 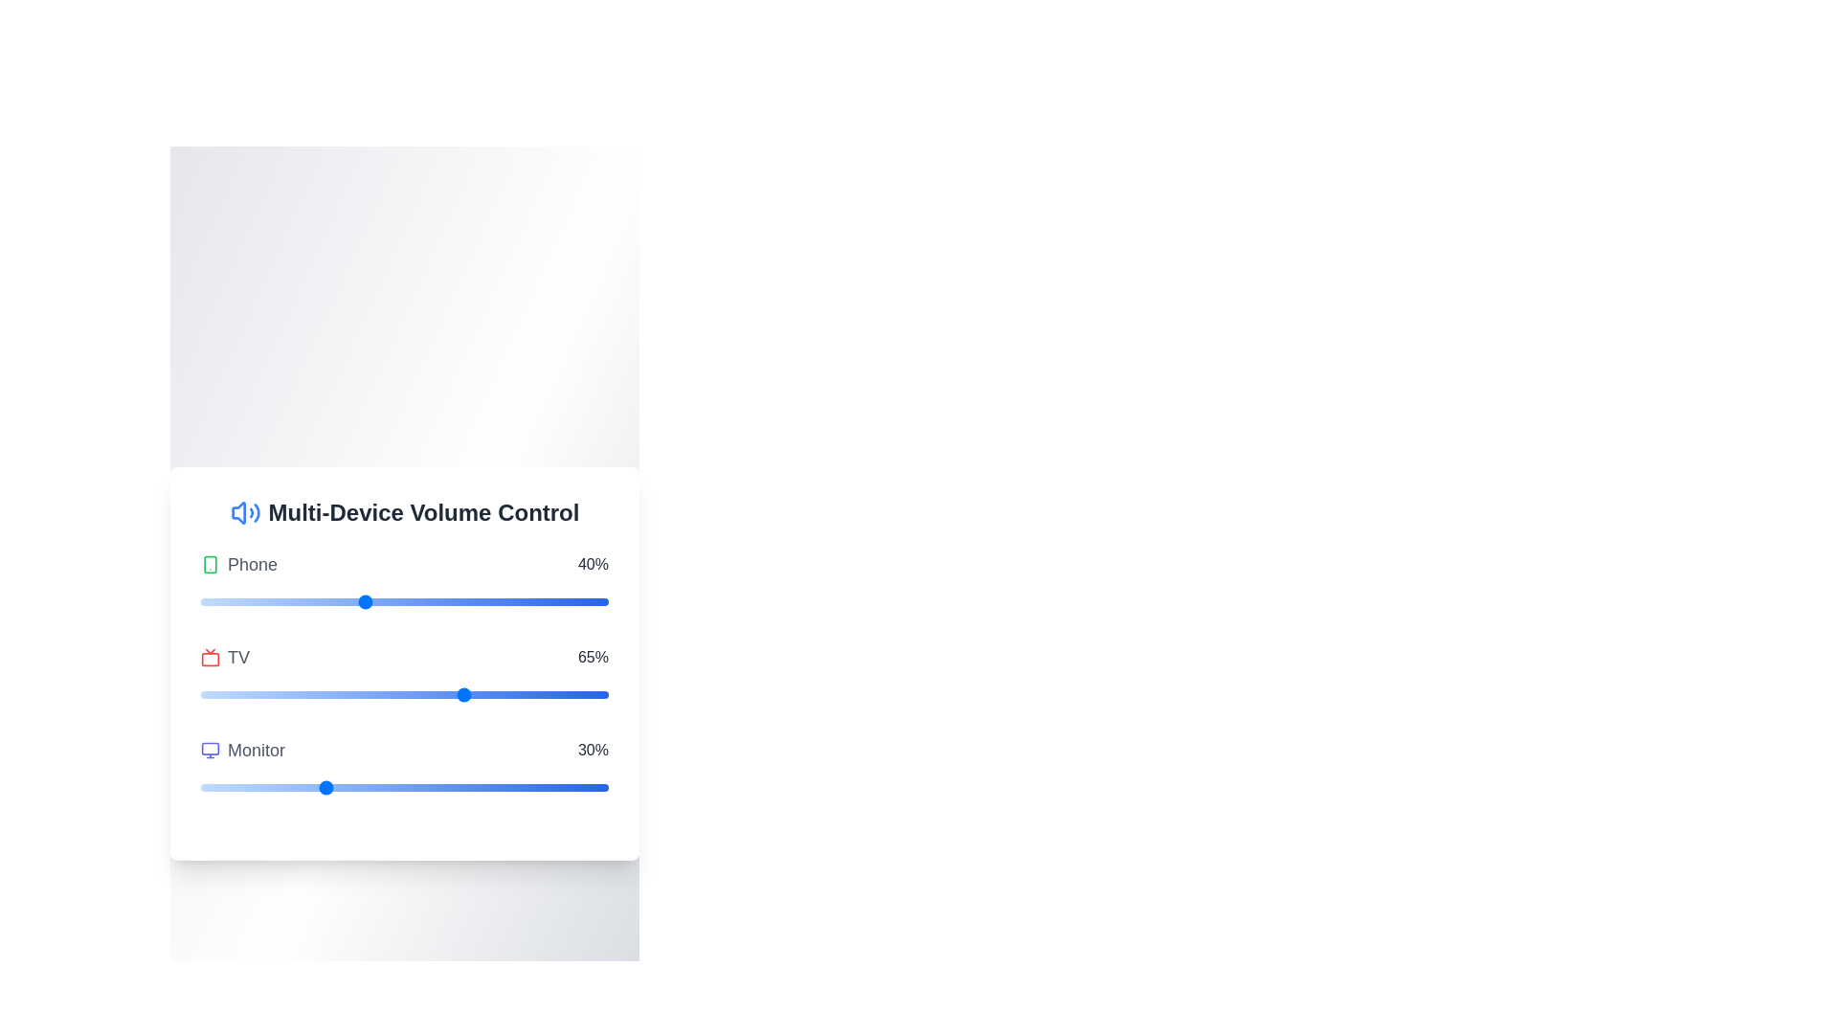 I want to click on the volume slider, so click(x=579, y=600).